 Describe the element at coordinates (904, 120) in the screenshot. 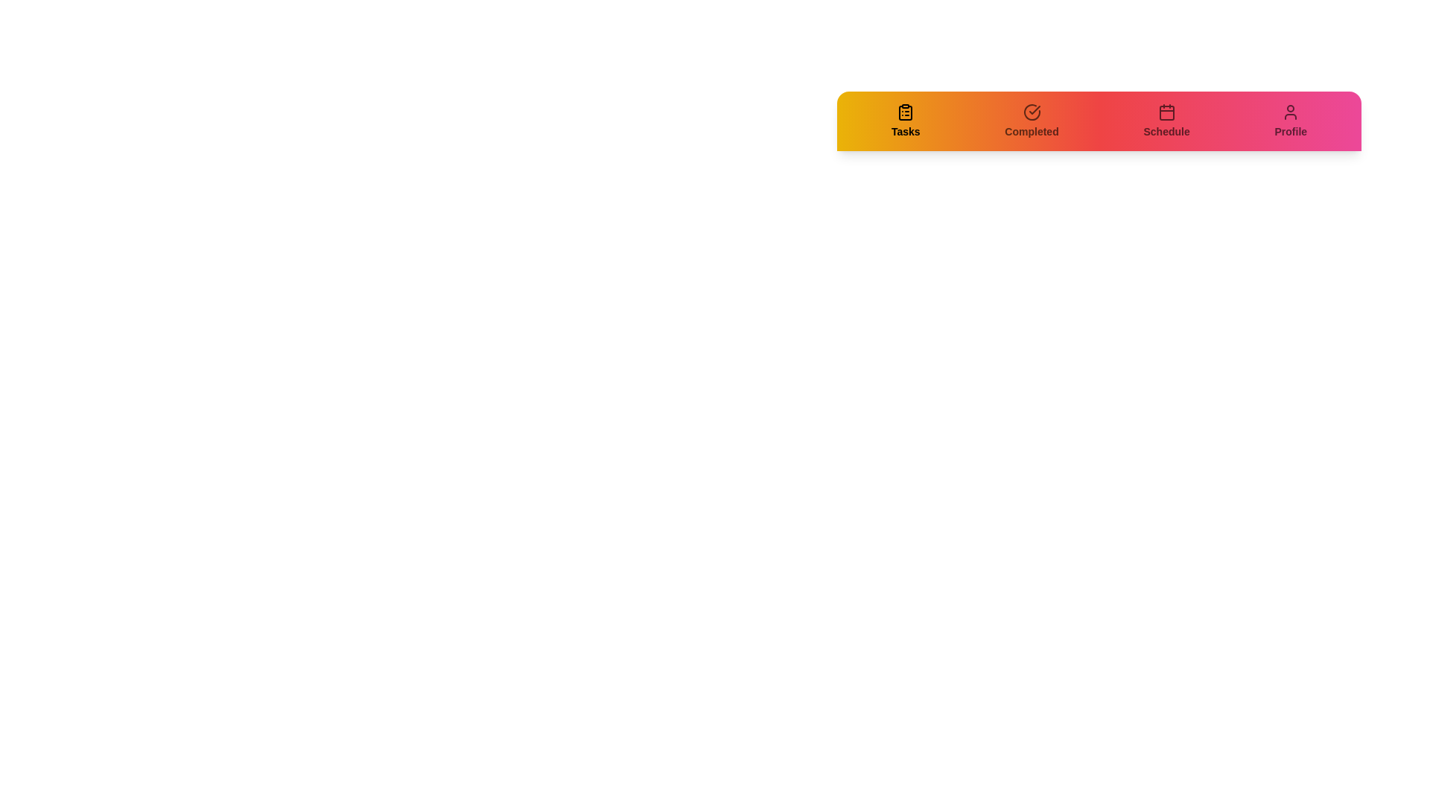

I see `the tab labeled Tasks to navigate to its respective section` at that location.